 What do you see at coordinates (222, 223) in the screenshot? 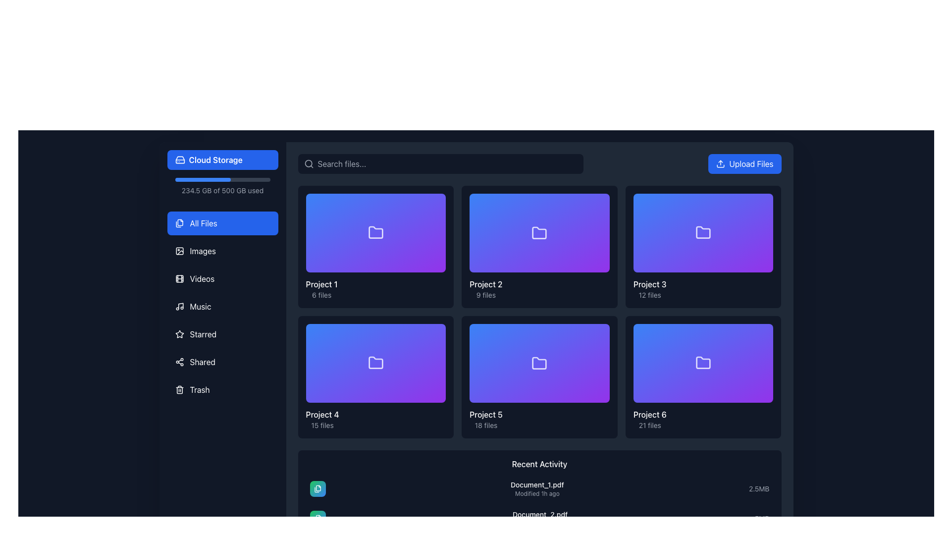
I see `the second navigation button in the vertical menu on the left sidebar` at bounding box center [222, 223].